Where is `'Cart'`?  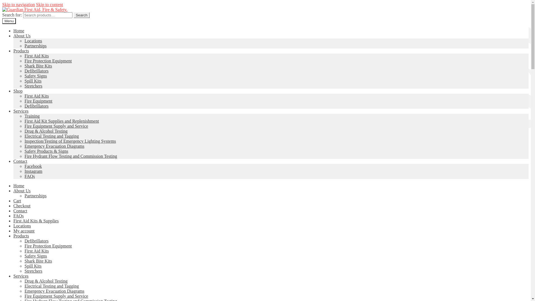
'Cart' is located at coordinates (17, 201).